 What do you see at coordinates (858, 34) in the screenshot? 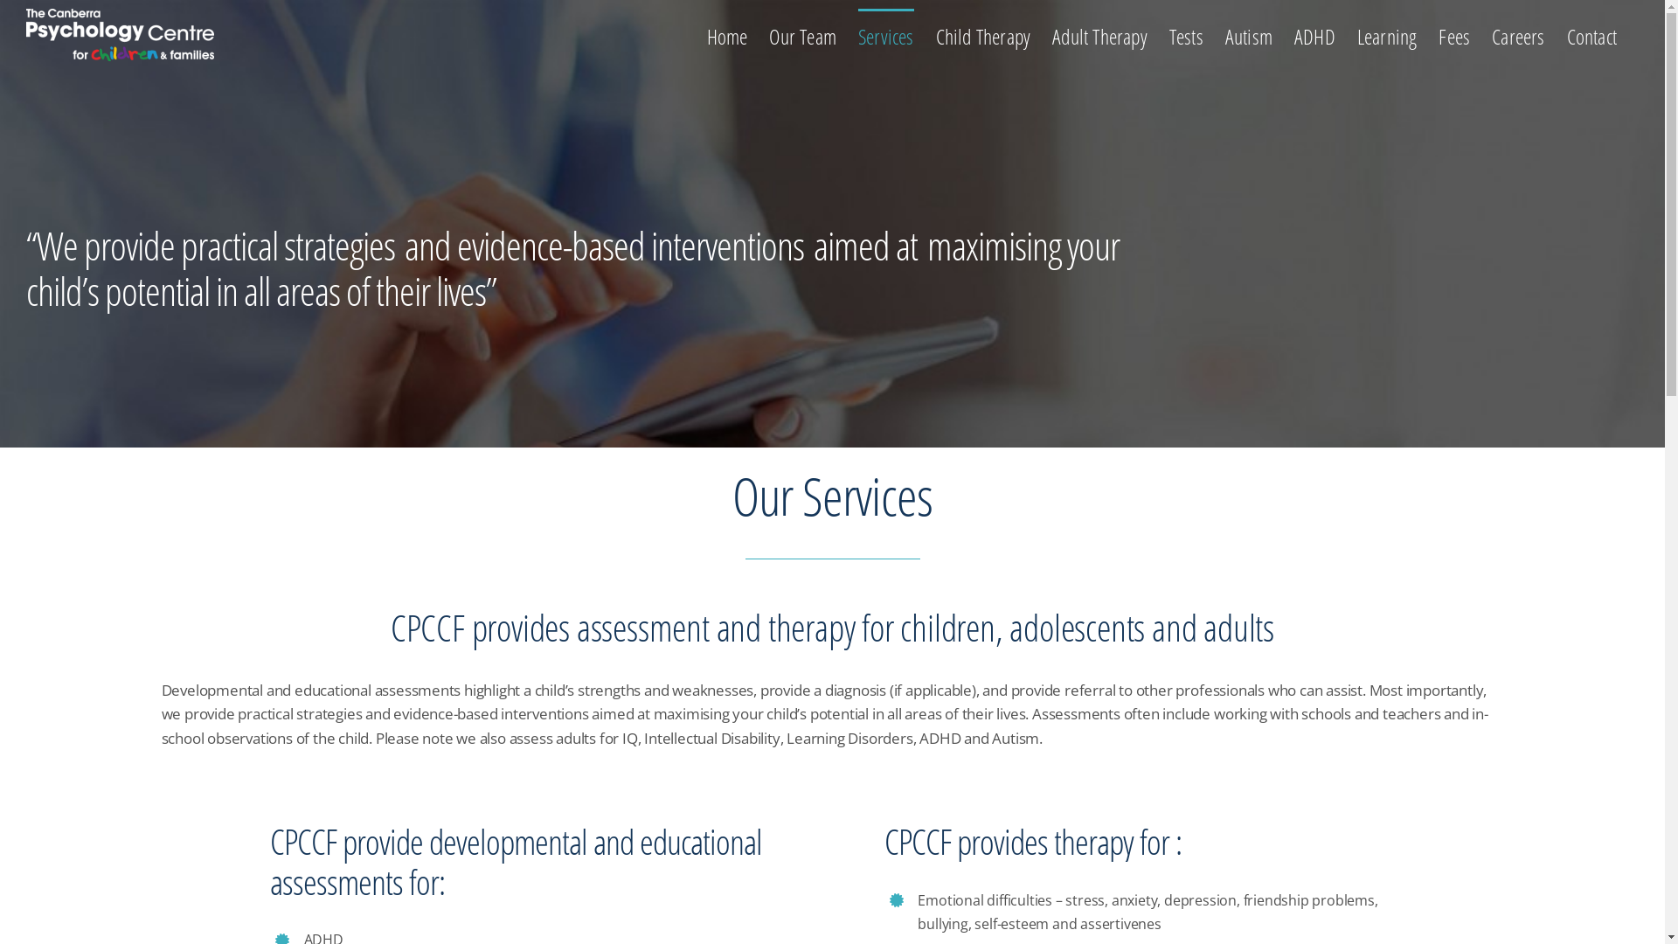
I see `'Services'` at bounding box center [858, 34].